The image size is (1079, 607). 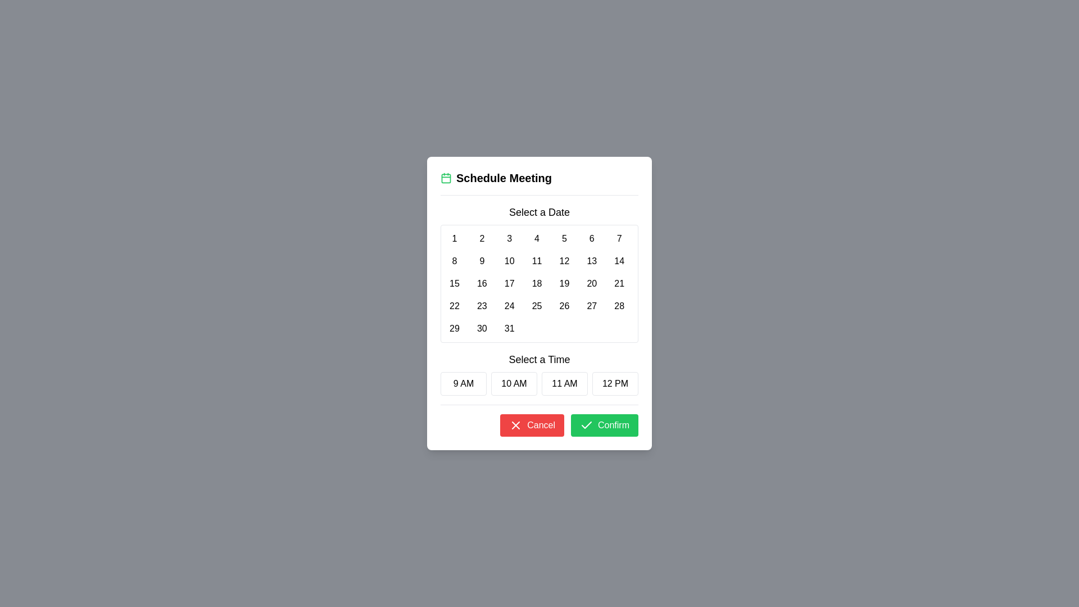 I want to click on the button corresponding to the 24th day of the month in the calendar interface, so click(x=509, y=306).